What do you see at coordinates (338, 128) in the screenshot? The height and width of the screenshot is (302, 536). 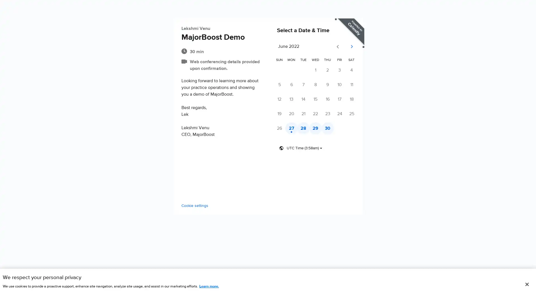 I see `Thursday, June 30 - Times available` at bounding box center [338, 128].